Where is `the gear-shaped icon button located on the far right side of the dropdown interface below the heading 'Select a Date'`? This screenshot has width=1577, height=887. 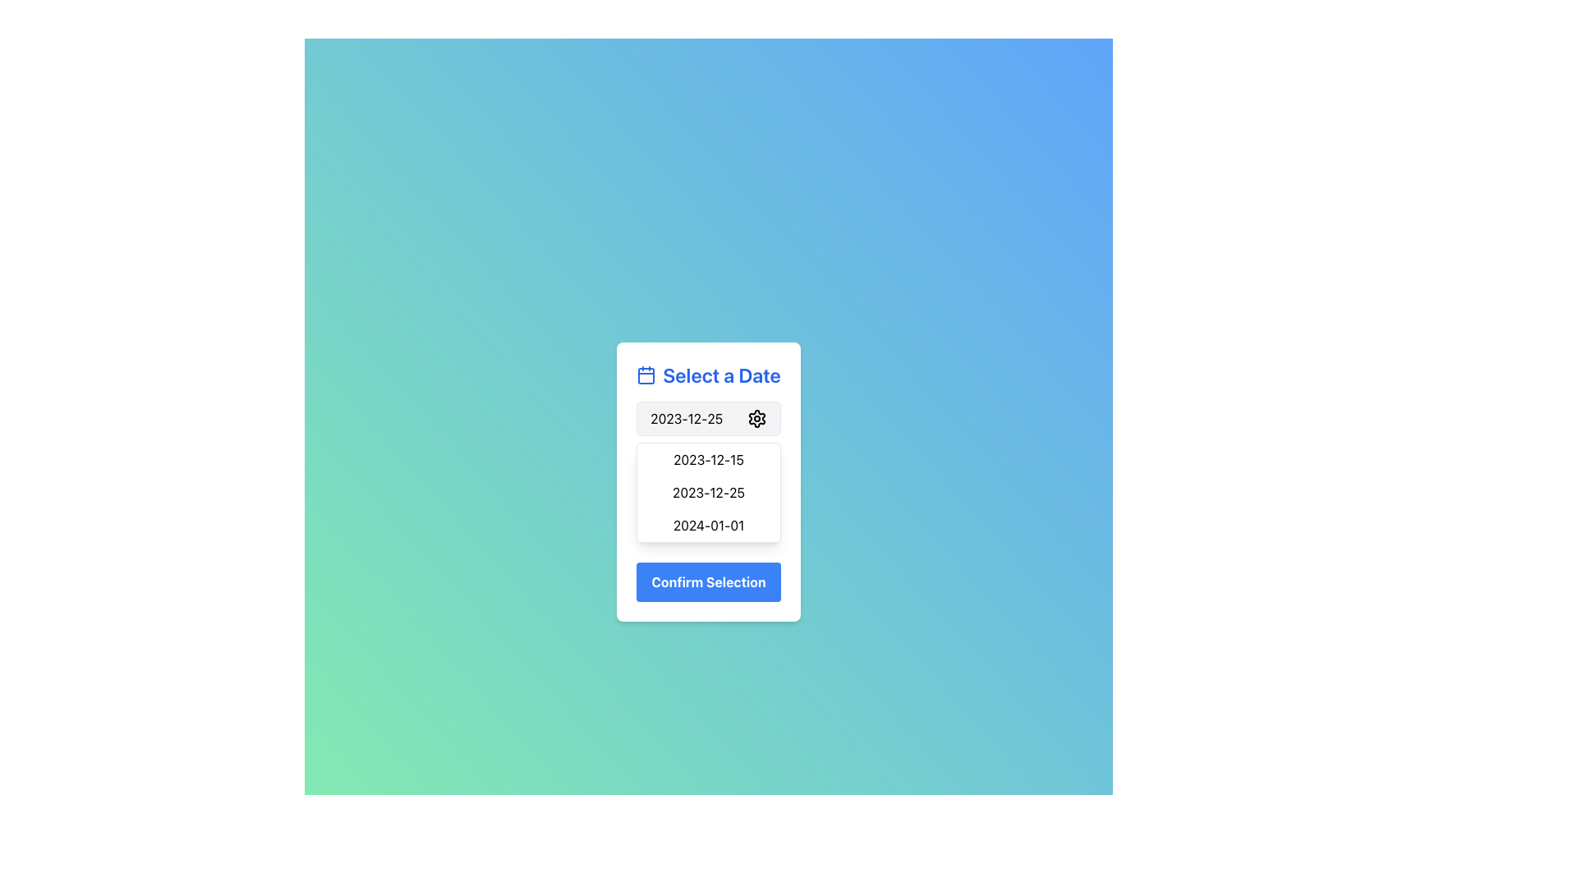
the gear-shaped icon button located on the far right side of the dropdown interface below the heading 'Select a Date' is located at coordinates (756, 417).